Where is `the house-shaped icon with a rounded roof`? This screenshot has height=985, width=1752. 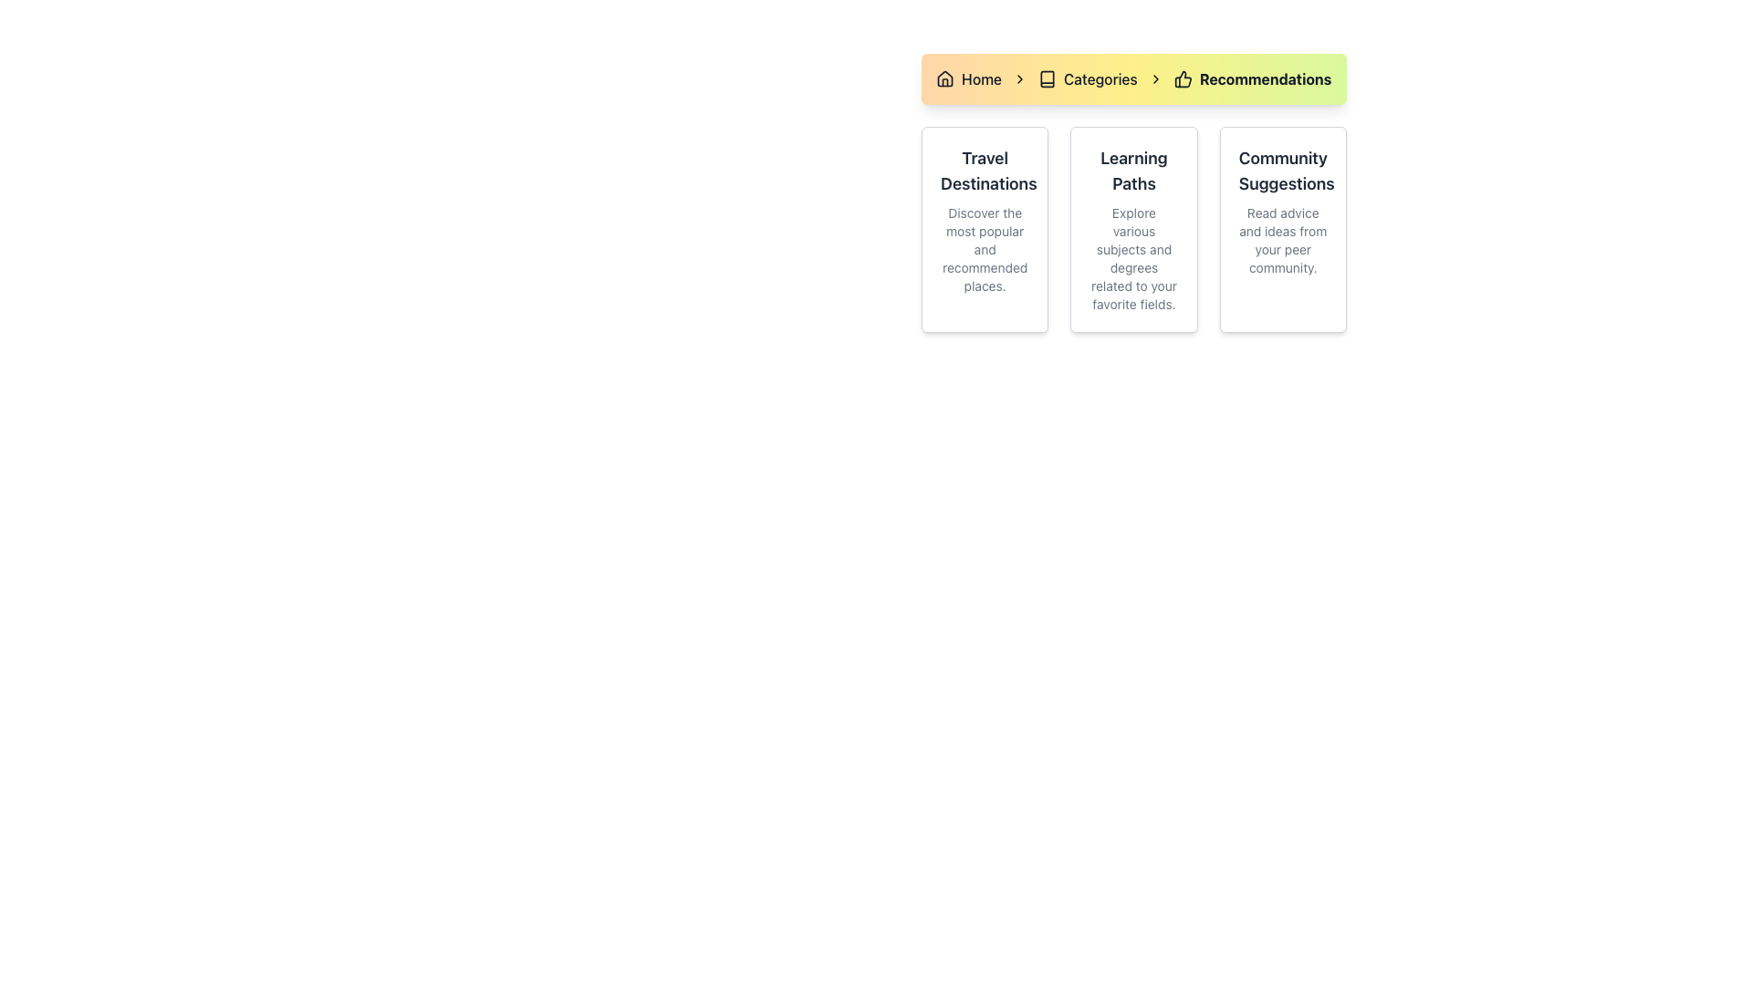 the house-shaped icon with a rounded roof is located at coordinates (945, 78).